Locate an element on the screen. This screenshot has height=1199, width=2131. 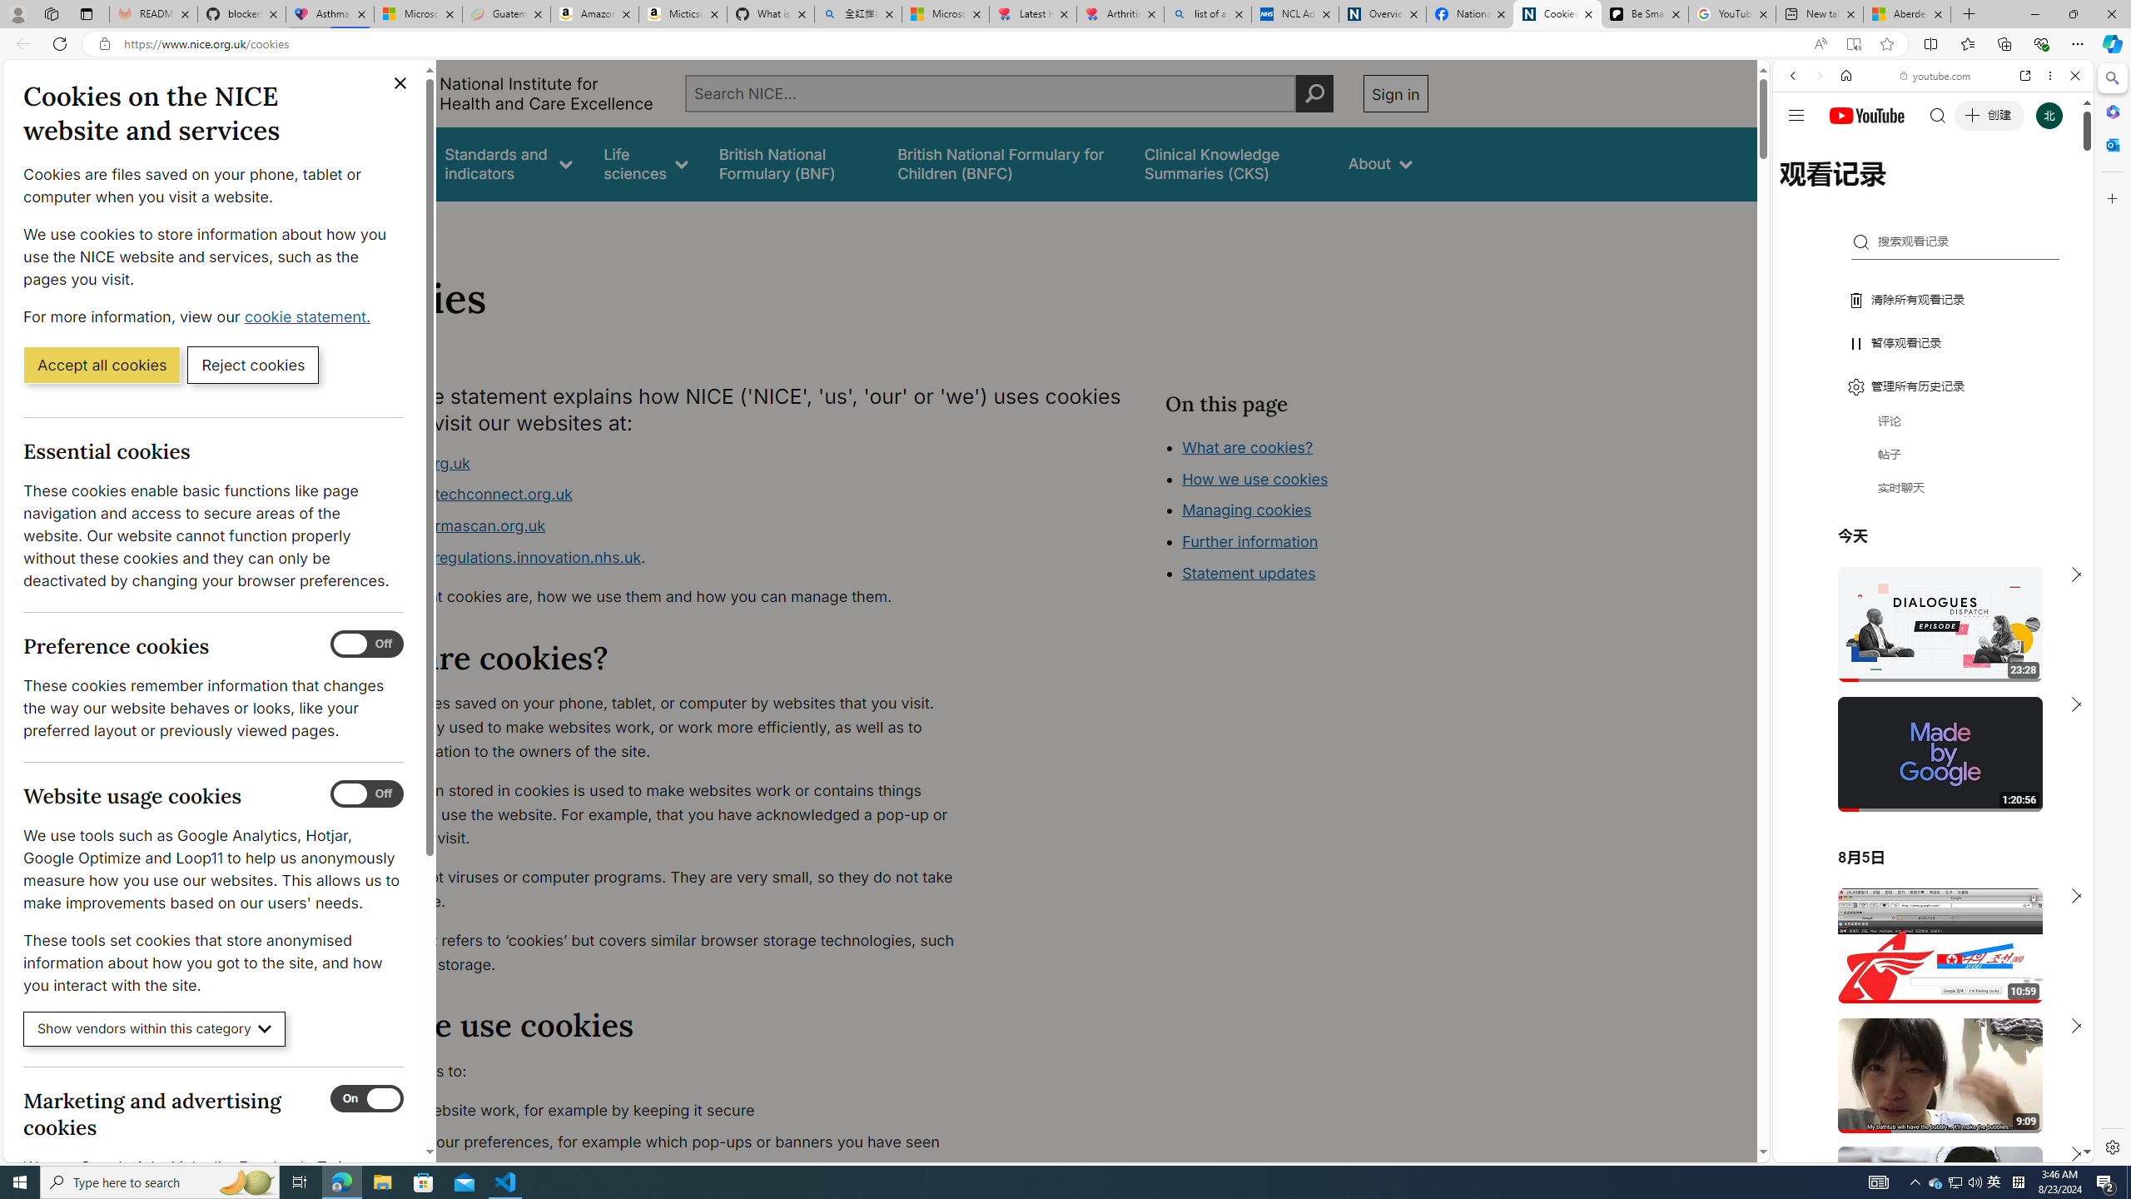
'Search the web' is located at coordinates (1940, 114).